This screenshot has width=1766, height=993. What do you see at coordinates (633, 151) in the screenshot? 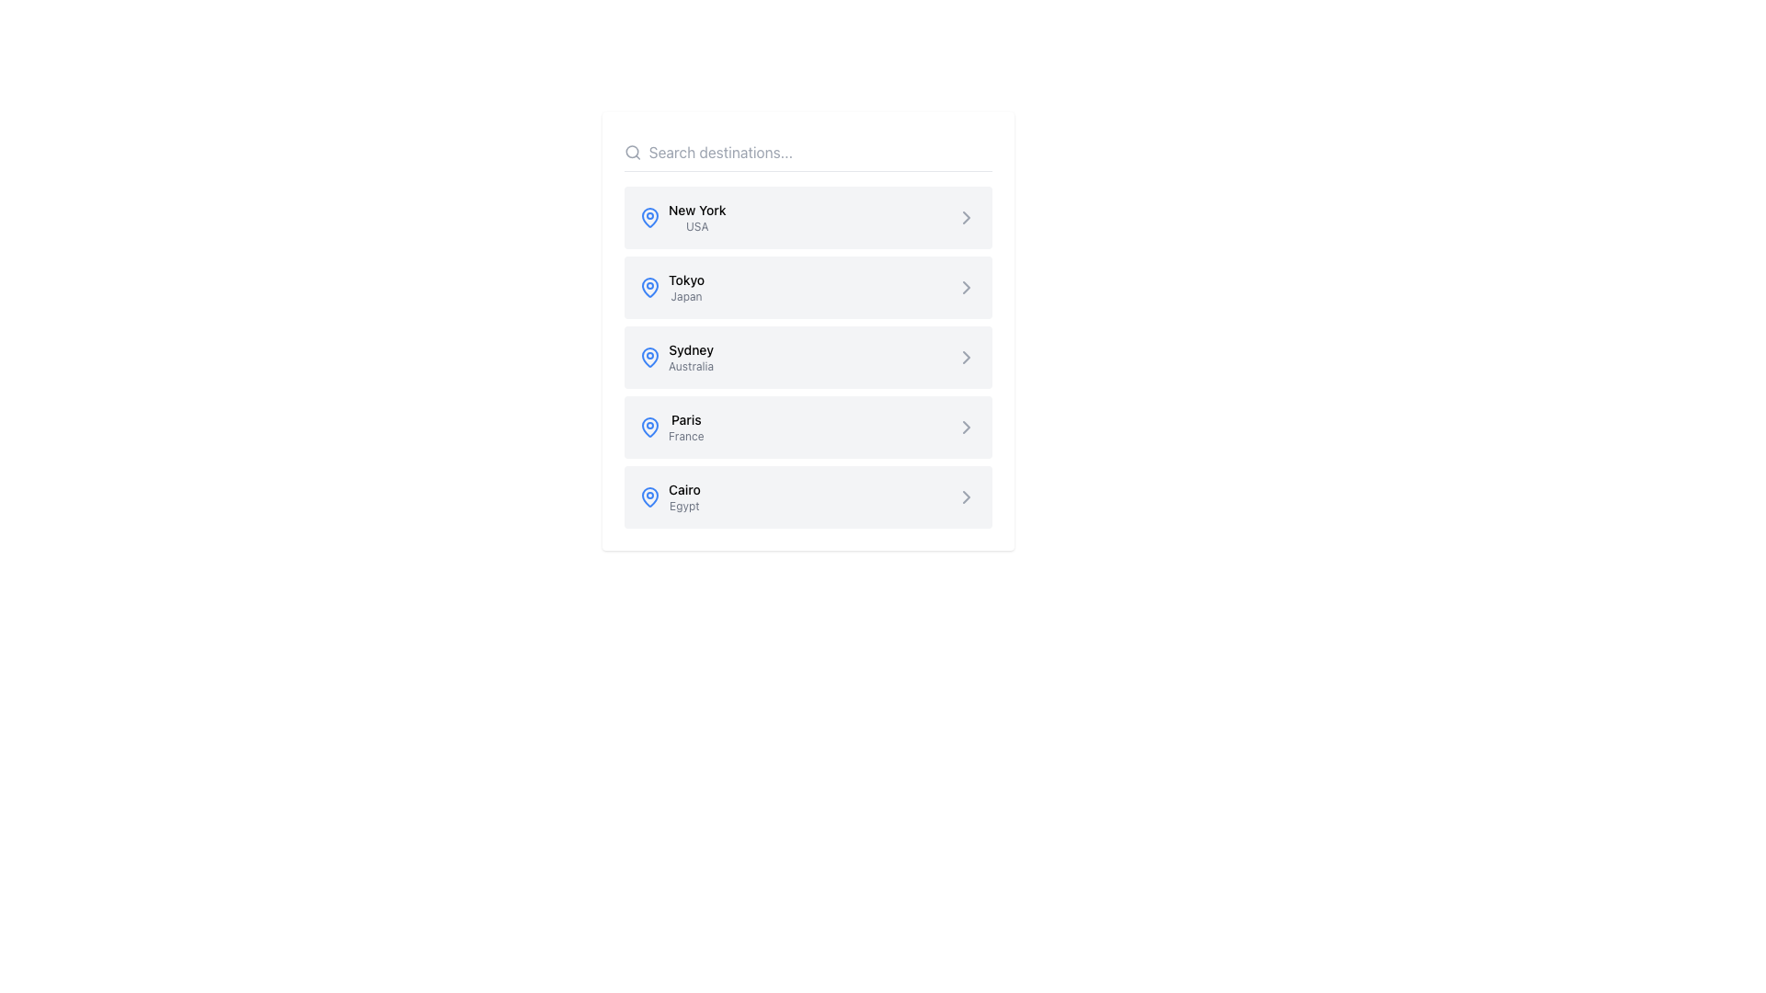
I see `the small light gray magnifying glass icon indicating search functionality, located at the top-left of the search input field` at bounding box center [633, 151].